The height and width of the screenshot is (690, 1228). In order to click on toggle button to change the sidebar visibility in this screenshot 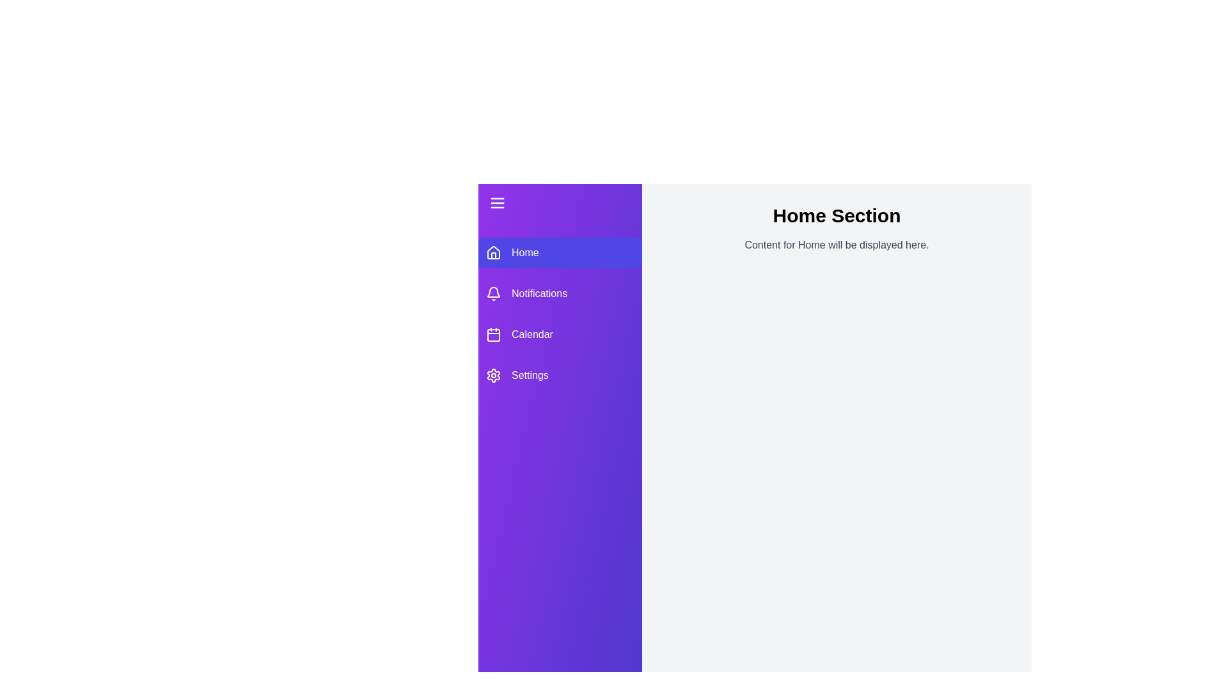, I will do `click(560, 202)`.